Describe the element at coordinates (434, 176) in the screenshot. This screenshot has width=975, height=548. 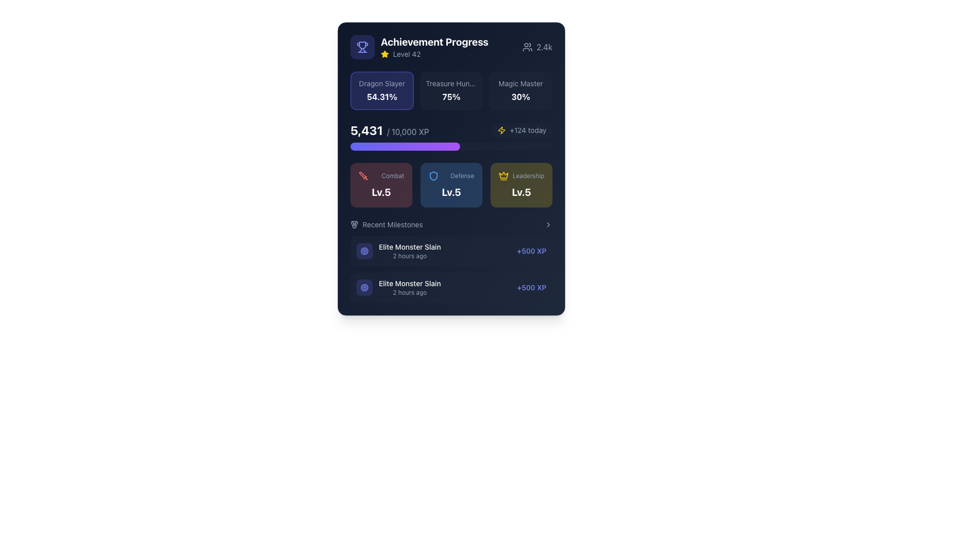
I see `the defense icon located to the left of the text 'Defense' in the middle column of the second row of the main card` at that location.